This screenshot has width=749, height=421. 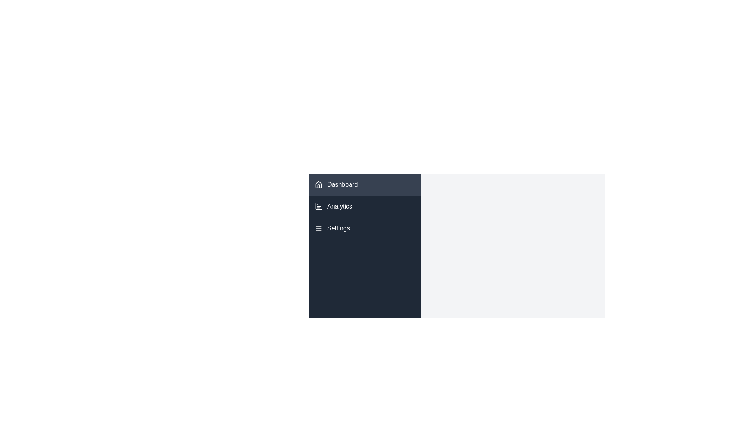 I want to click on the 'Settings' icon located in the sidebar menu, so click(x=318, y=228).